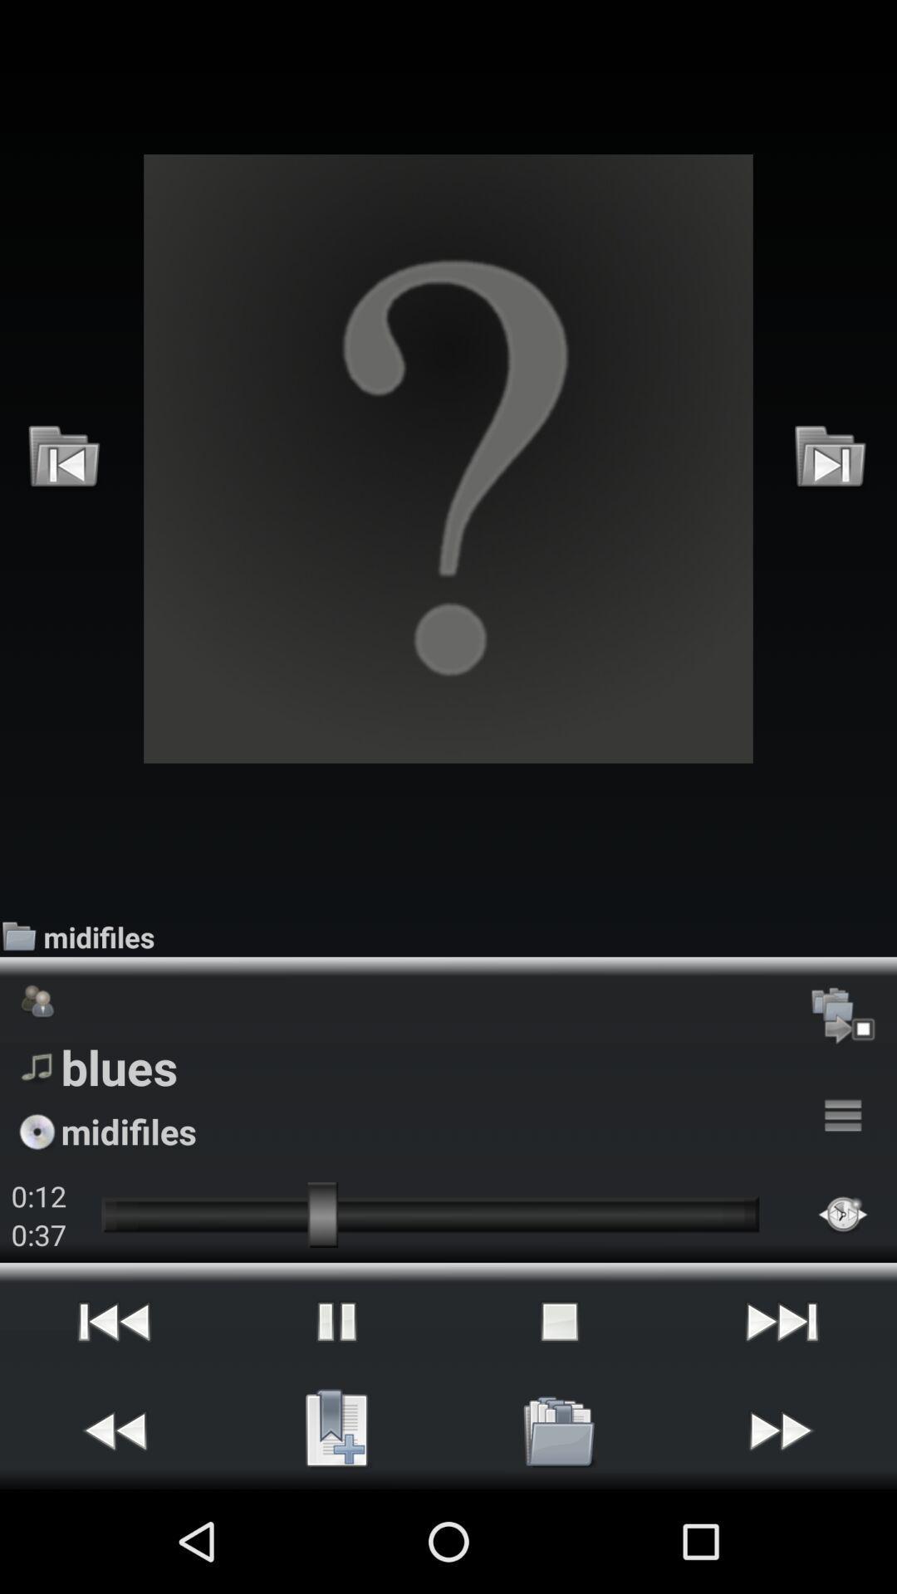 This screenshot has width=897, height=1594. What do you see at coordinates (114, 1413) in the screenshot?
I see `the av_rewind icon` at bounding box center [114, 1413].